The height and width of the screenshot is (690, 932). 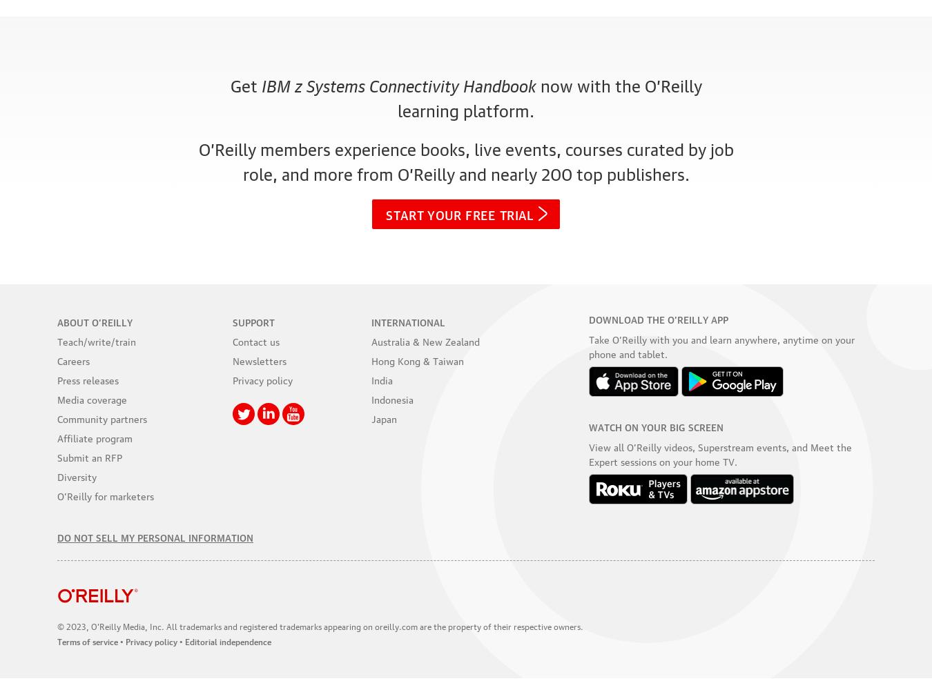 I want to click on 'Diversity', so click(x=76, y=475).